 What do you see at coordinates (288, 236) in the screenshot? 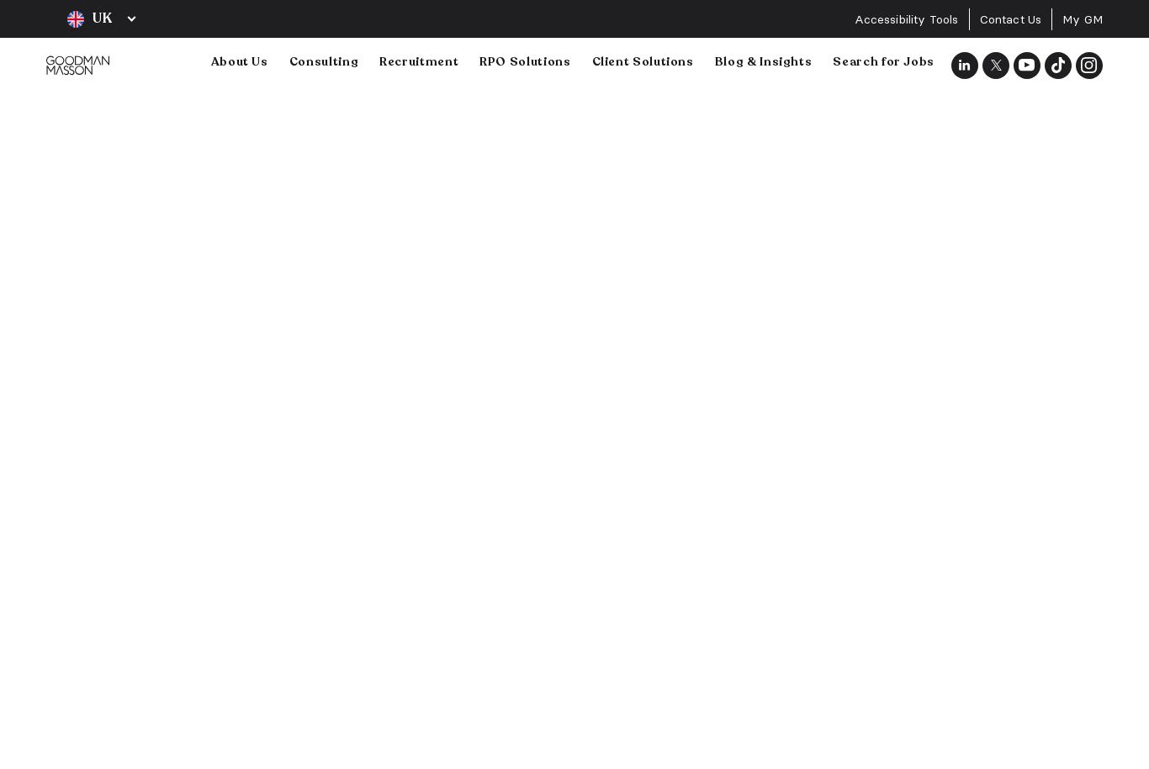
I see `'Search our jobs'` at bounding box center [288, 236].